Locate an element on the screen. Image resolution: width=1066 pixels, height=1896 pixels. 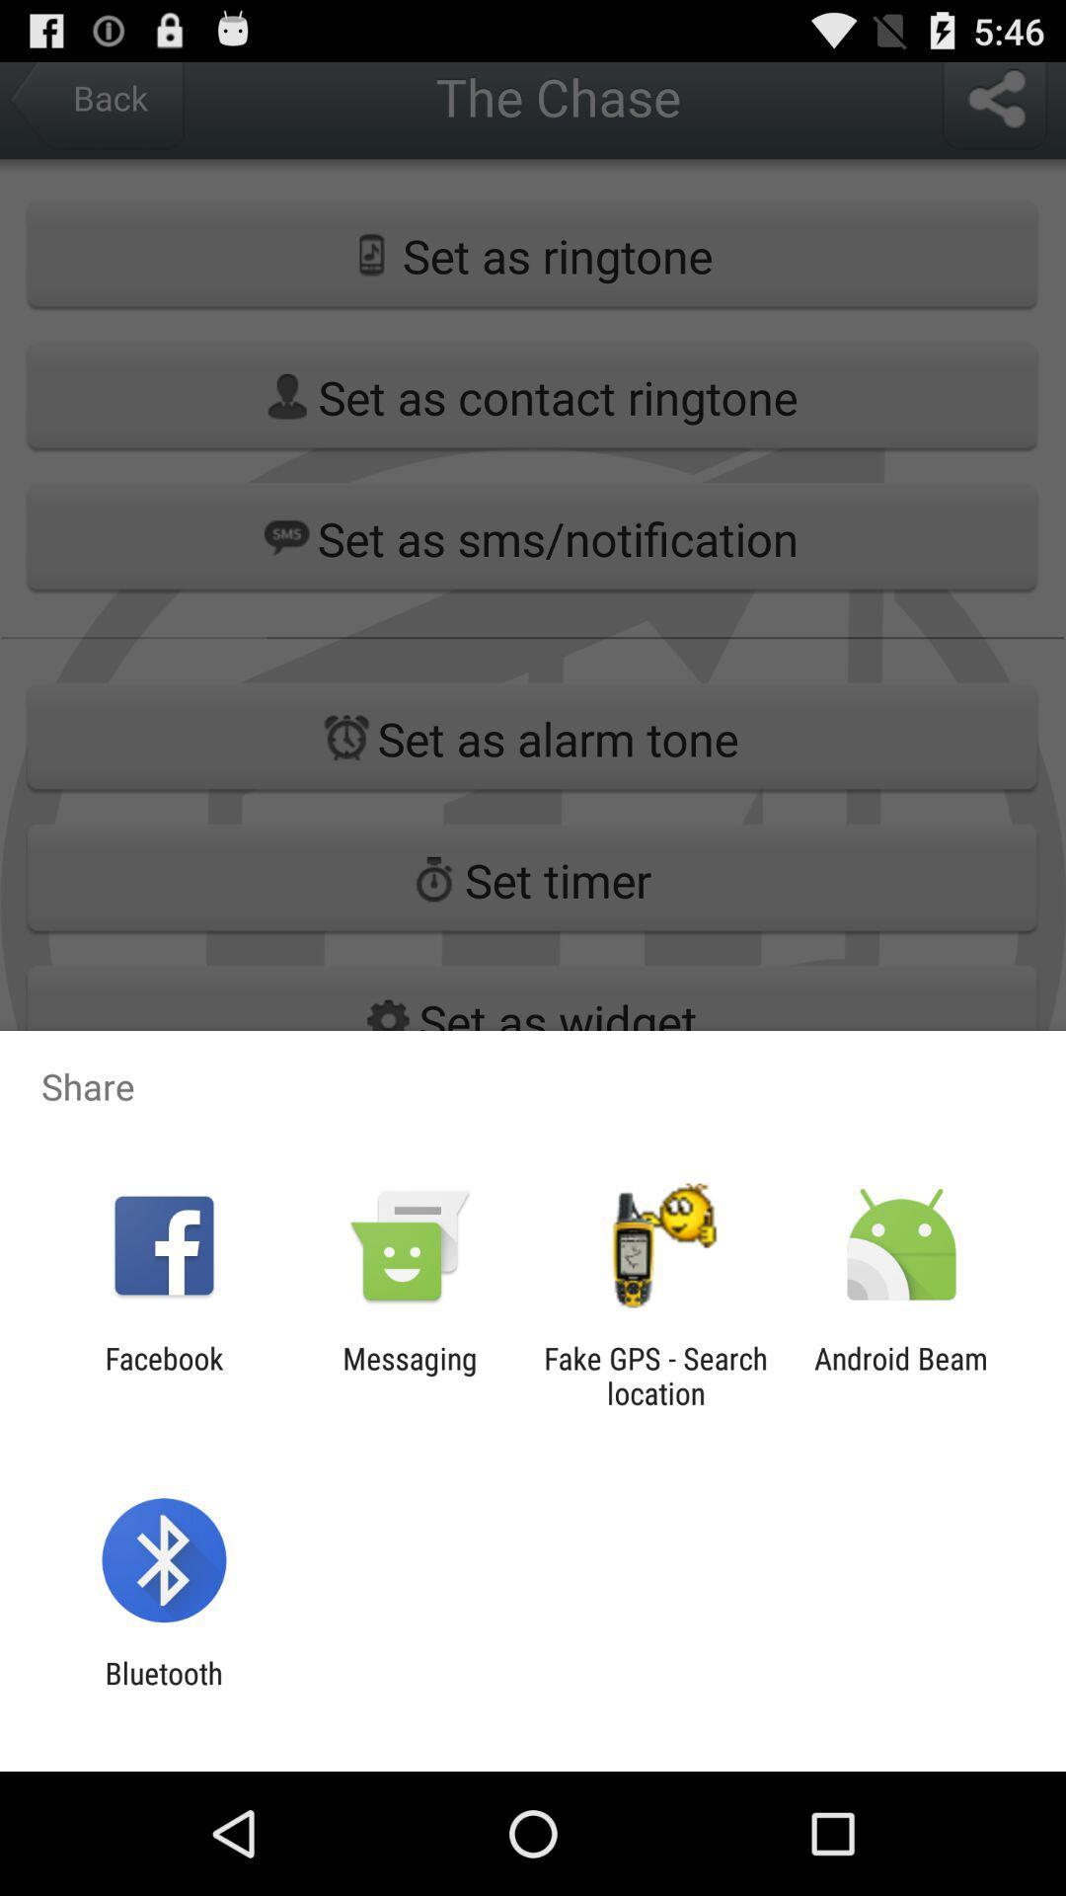
the item next to the android beam app is located at coordinates (655, 1375).